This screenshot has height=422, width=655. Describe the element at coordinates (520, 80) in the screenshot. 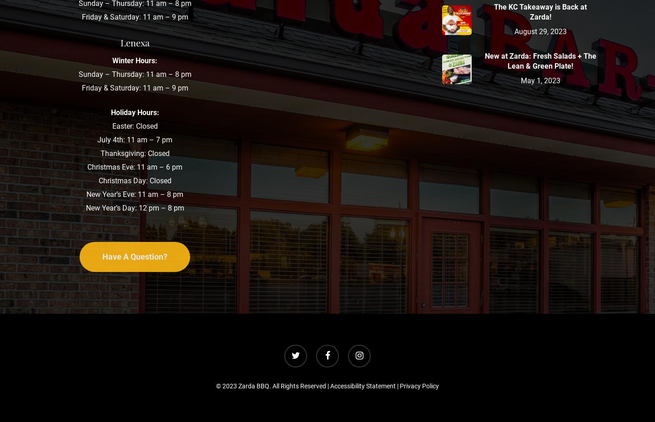

I see `'May 1, 2023'` at that location.